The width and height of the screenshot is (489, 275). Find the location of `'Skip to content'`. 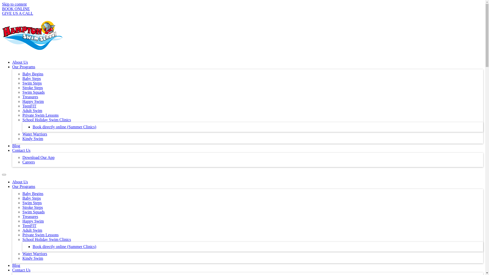

'Skip to content' is located at coordinates (2, 4).